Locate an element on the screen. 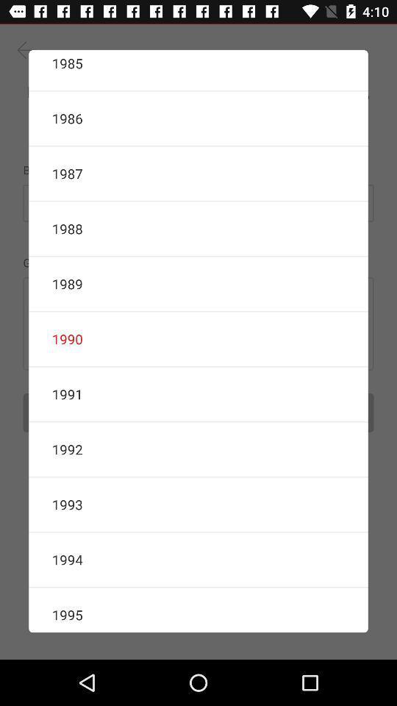 This screenshot has height=706, width=397. the icon below 1989 item is located at coordinates (198, 339).